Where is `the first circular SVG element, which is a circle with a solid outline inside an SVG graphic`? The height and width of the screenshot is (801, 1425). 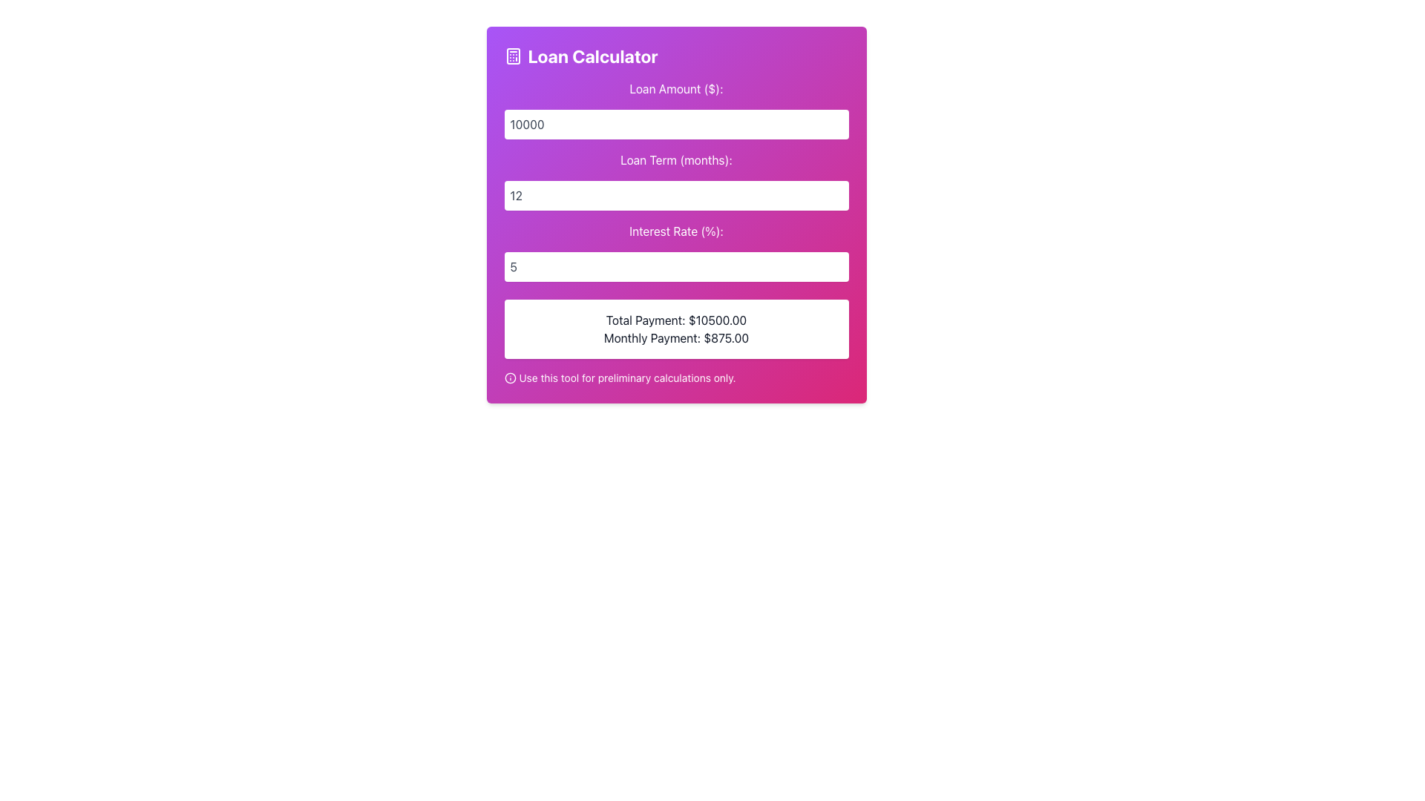
the first circular SVG element, which is a circle with a solid outline inside an SVG graphic is located at coordinates (510, 377).